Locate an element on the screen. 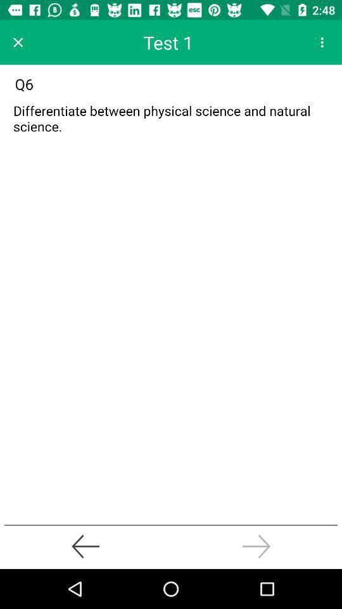 The width and height of the screenshot is (342, 609). more options turned on is located at coordinates (322, 42).